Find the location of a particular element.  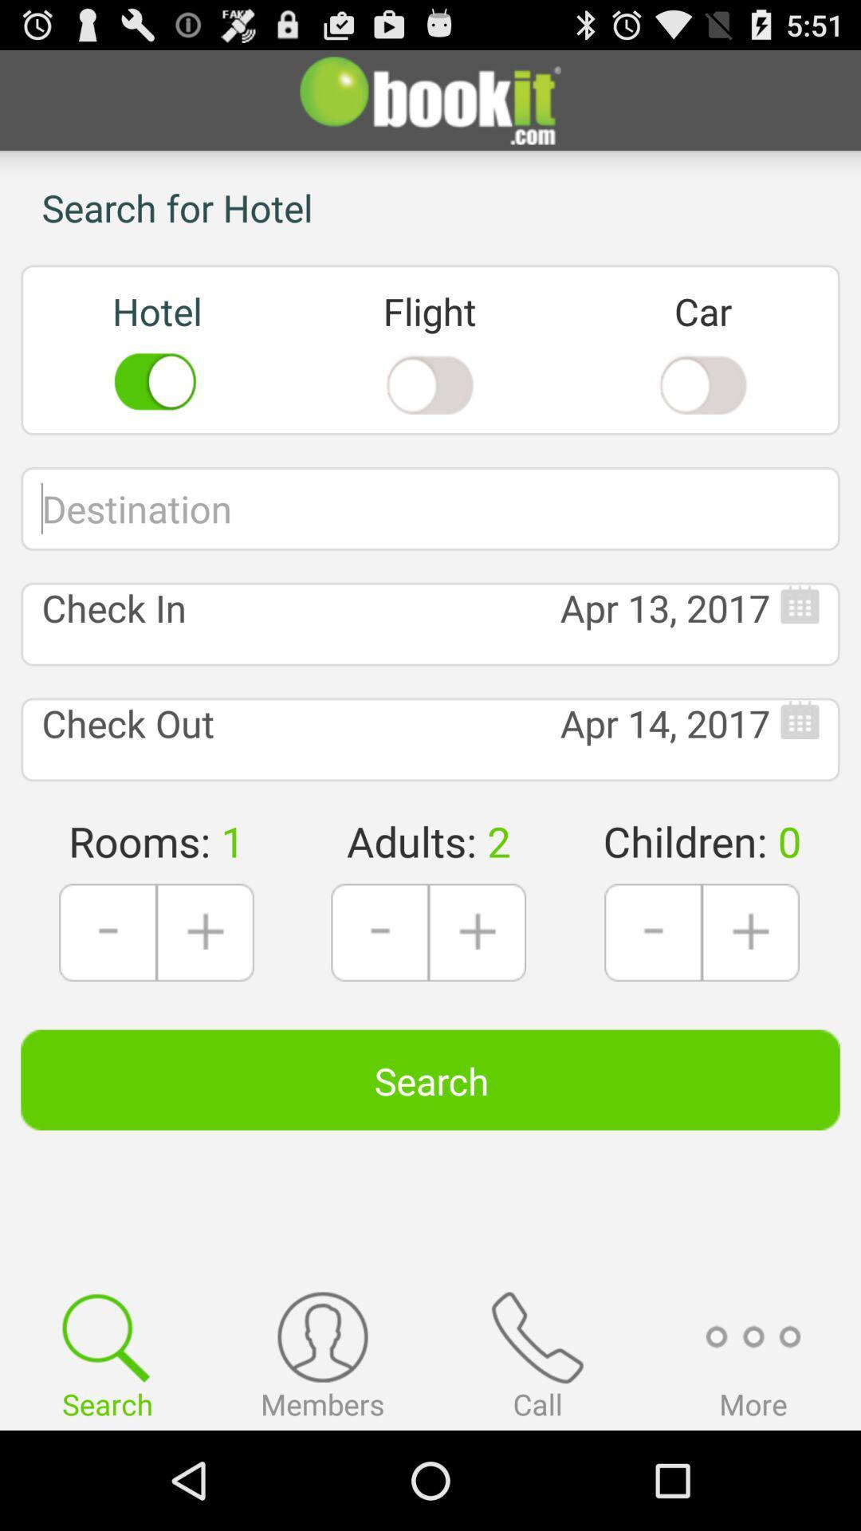

more option which is on the bottom of the page is located at coordinates (753, 1356).